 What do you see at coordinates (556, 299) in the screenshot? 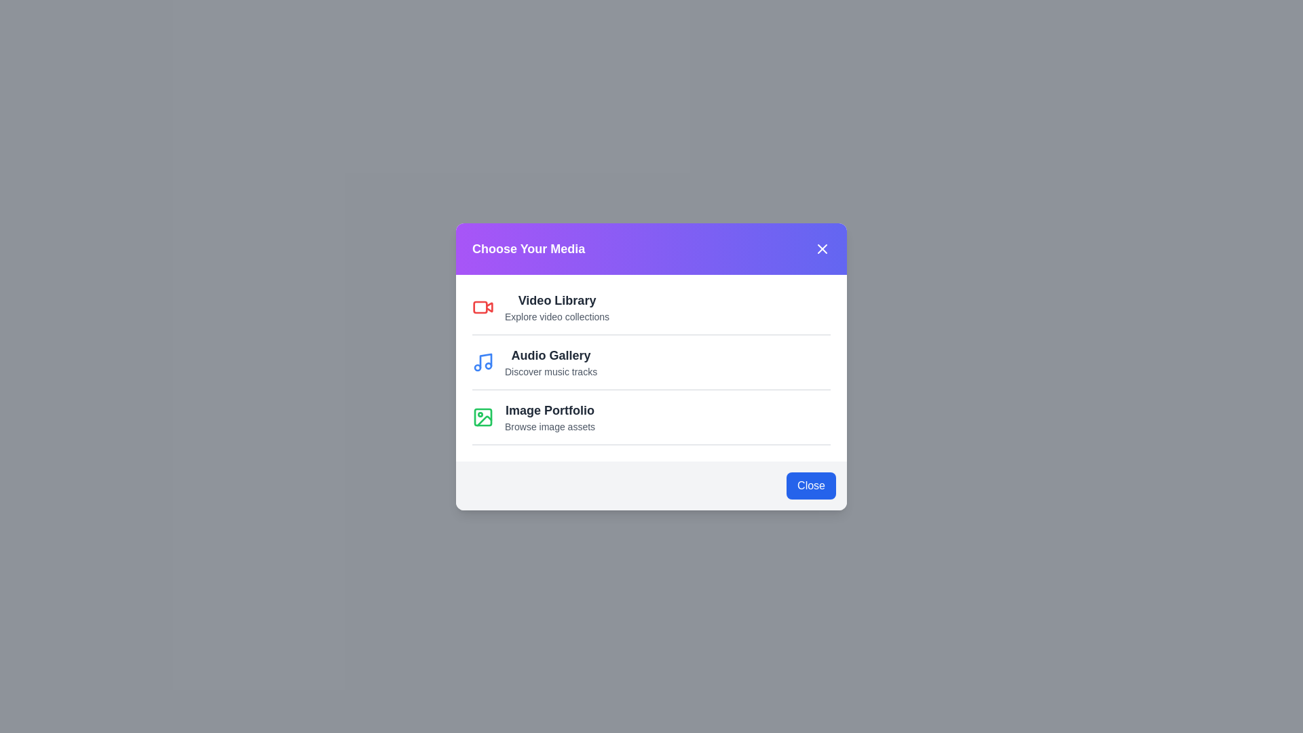
I see `the 'Video Library' option to select it` at bounding box center [556, 299].